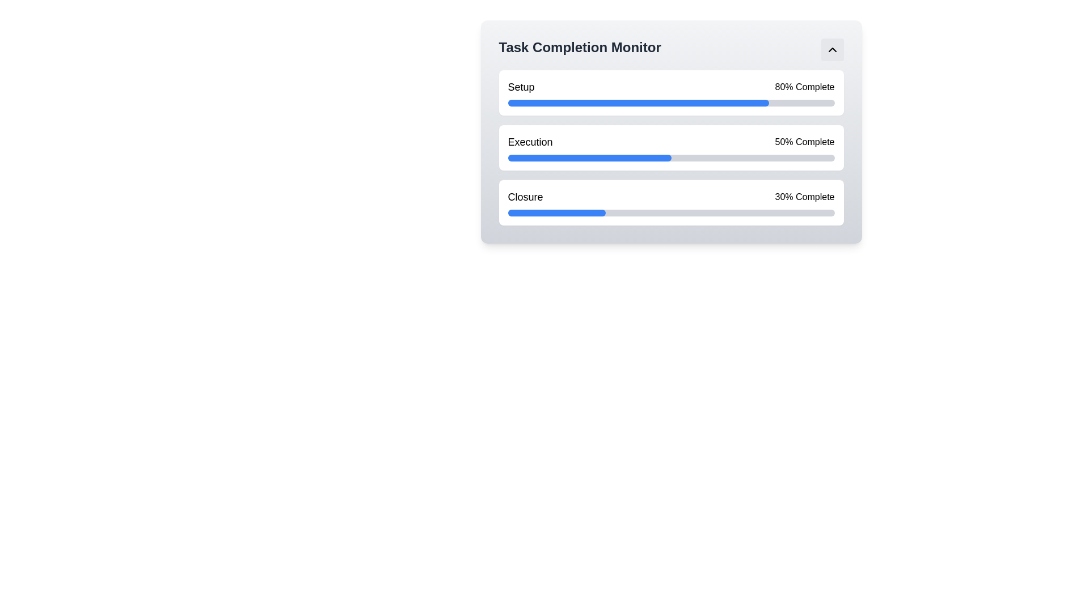 Image resolution: width=1089 pixels, height=612 pixels. What do you see at coordinates (804, 87) in the screenshot?
I see `the text label displaying '80% Complete' which indicates the percentage completion status of the 'Setup' task in the 'Task Completion Monitor' component` at bounding box center [804, 87].